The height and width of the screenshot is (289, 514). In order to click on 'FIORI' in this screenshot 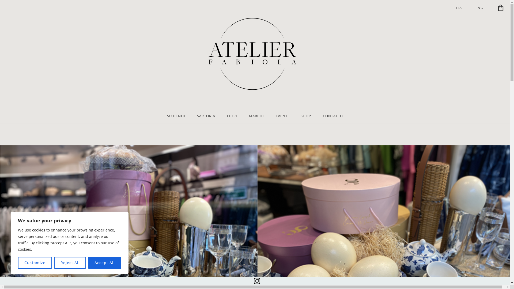, I will do `click(232, 115)`.